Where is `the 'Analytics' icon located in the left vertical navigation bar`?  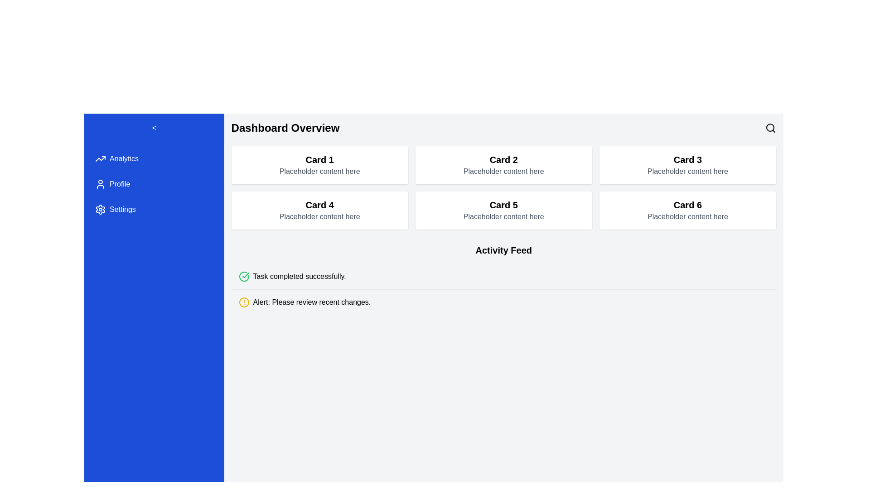 the 'Analytics' icon located in the left vertical navigation bar is located at coordinates (100, 158).